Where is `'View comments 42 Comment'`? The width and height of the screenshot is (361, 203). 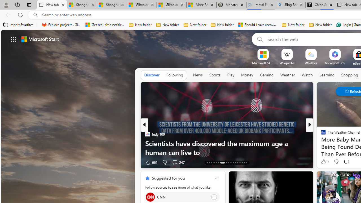
'View comments 42 Comment' is located at coordinates (3, 162).